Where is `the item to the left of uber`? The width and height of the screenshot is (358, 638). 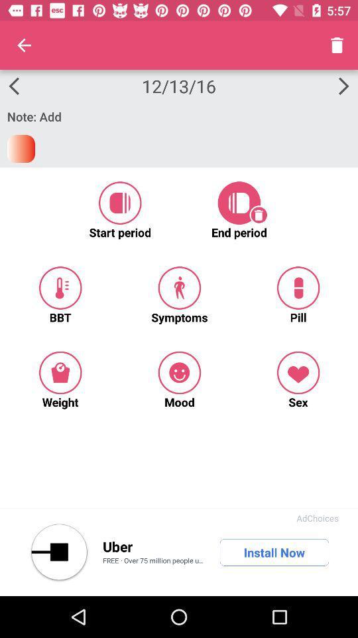 the item to the left of uber is located at coordinates (58, 552).